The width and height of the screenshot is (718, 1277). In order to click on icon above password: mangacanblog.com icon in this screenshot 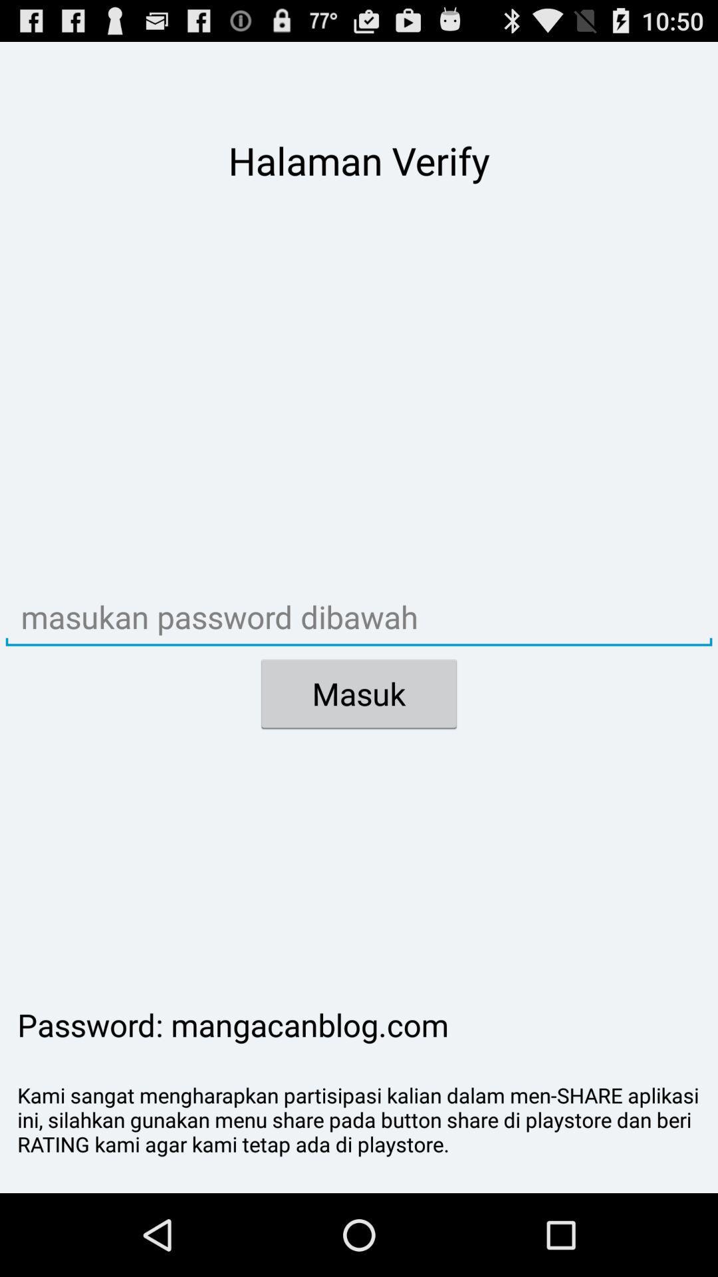, I will do `click(359, 693)`.